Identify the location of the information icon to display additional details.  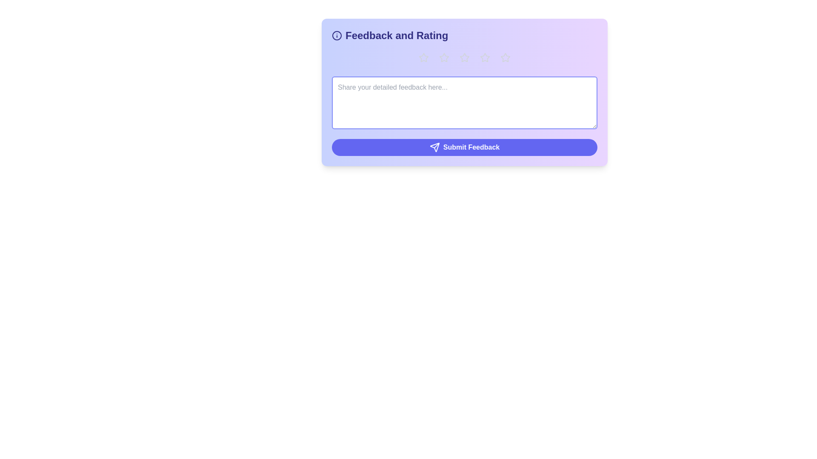
(337, 35).